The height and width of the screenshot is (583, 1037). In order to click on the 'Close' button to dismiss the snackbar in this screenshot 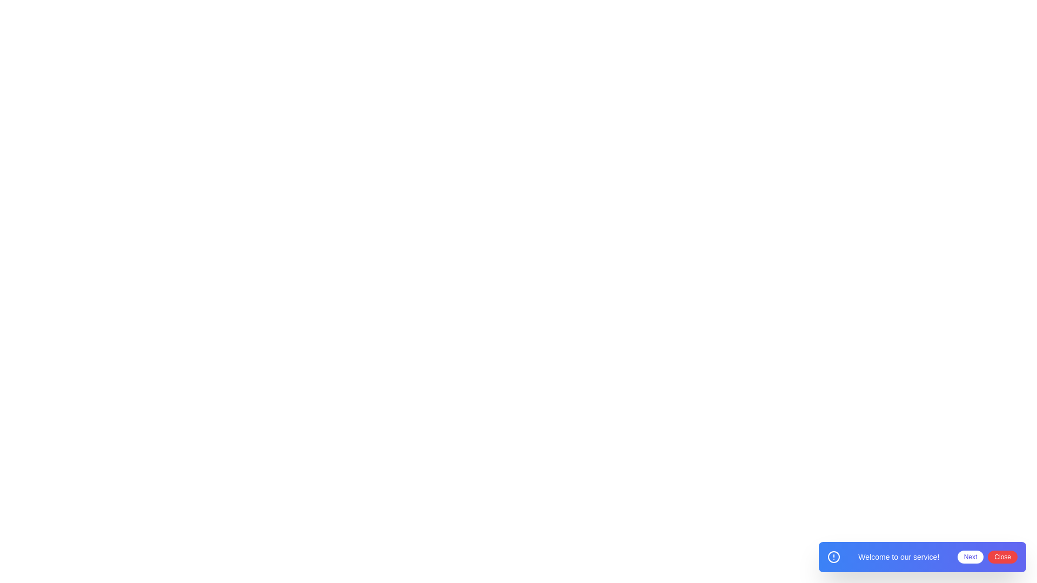, I will do `click(1002, 557)`.